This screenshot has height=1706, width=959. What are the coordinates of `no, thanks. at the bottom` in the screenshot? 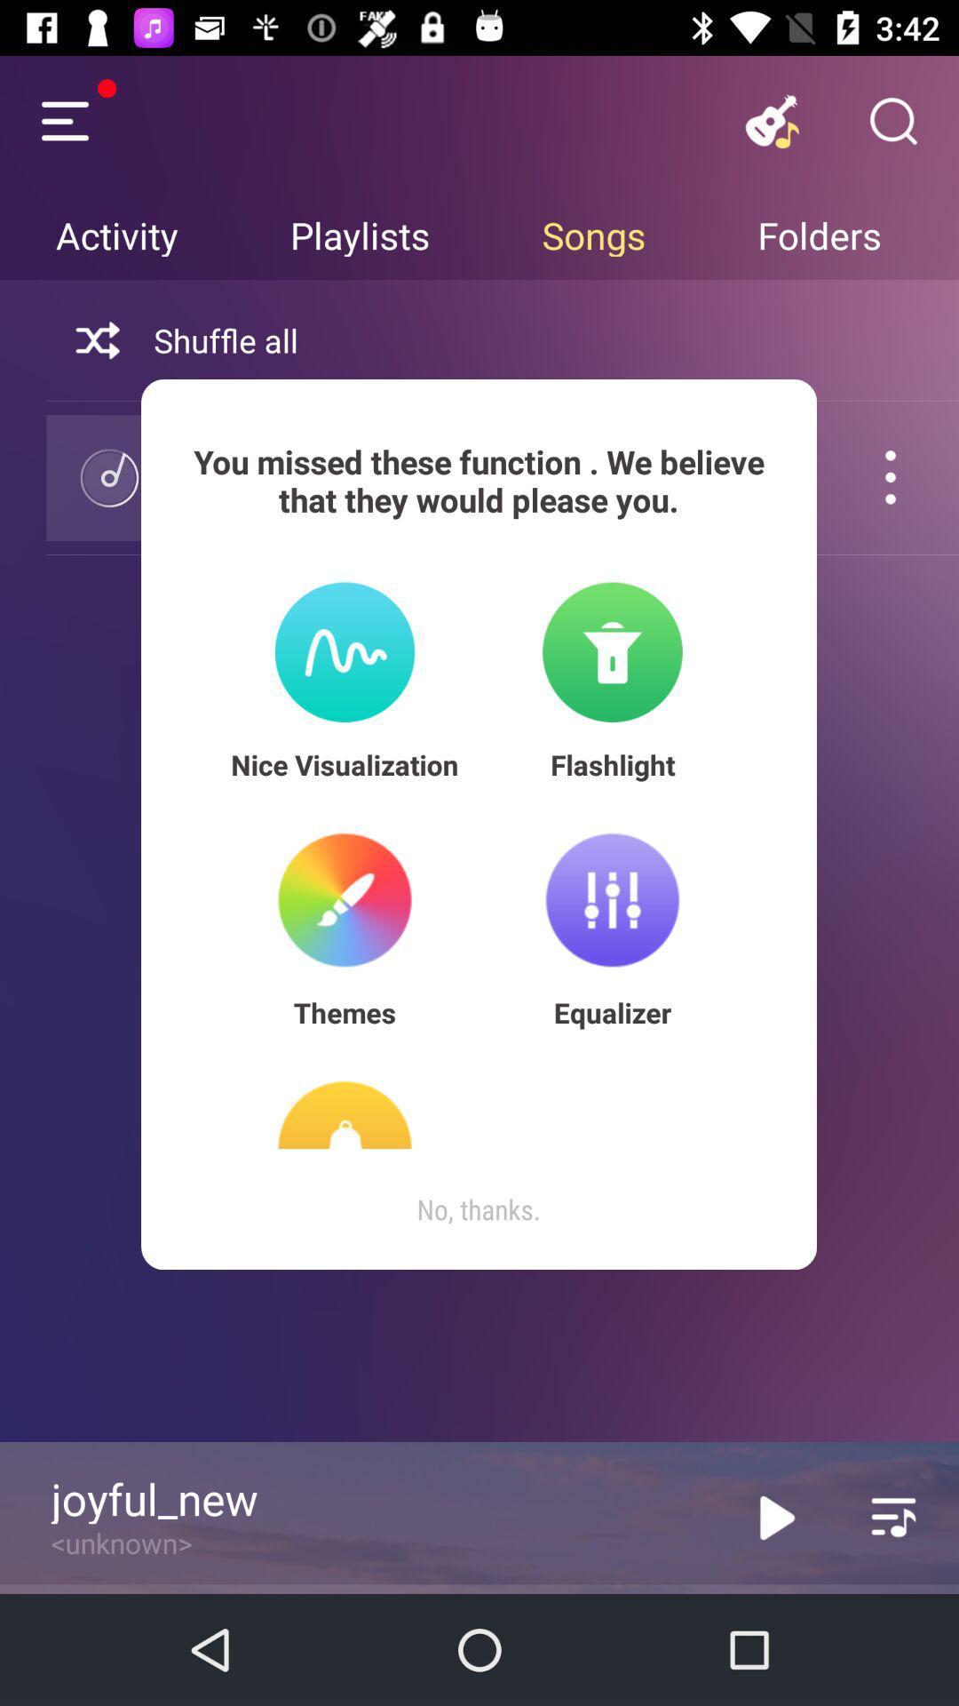 It's located at (478, 1208).